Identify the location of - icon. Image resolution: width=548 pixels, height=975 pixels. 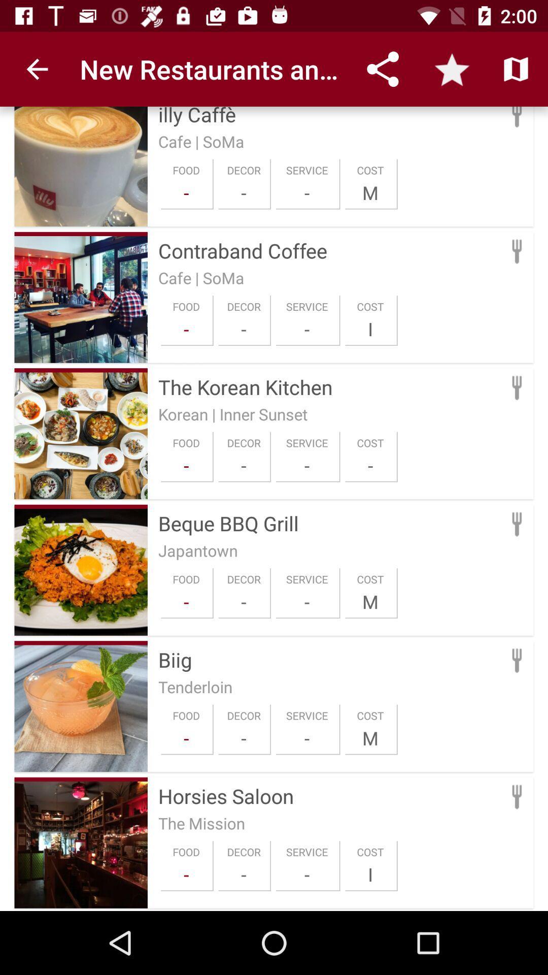
(244, 602).